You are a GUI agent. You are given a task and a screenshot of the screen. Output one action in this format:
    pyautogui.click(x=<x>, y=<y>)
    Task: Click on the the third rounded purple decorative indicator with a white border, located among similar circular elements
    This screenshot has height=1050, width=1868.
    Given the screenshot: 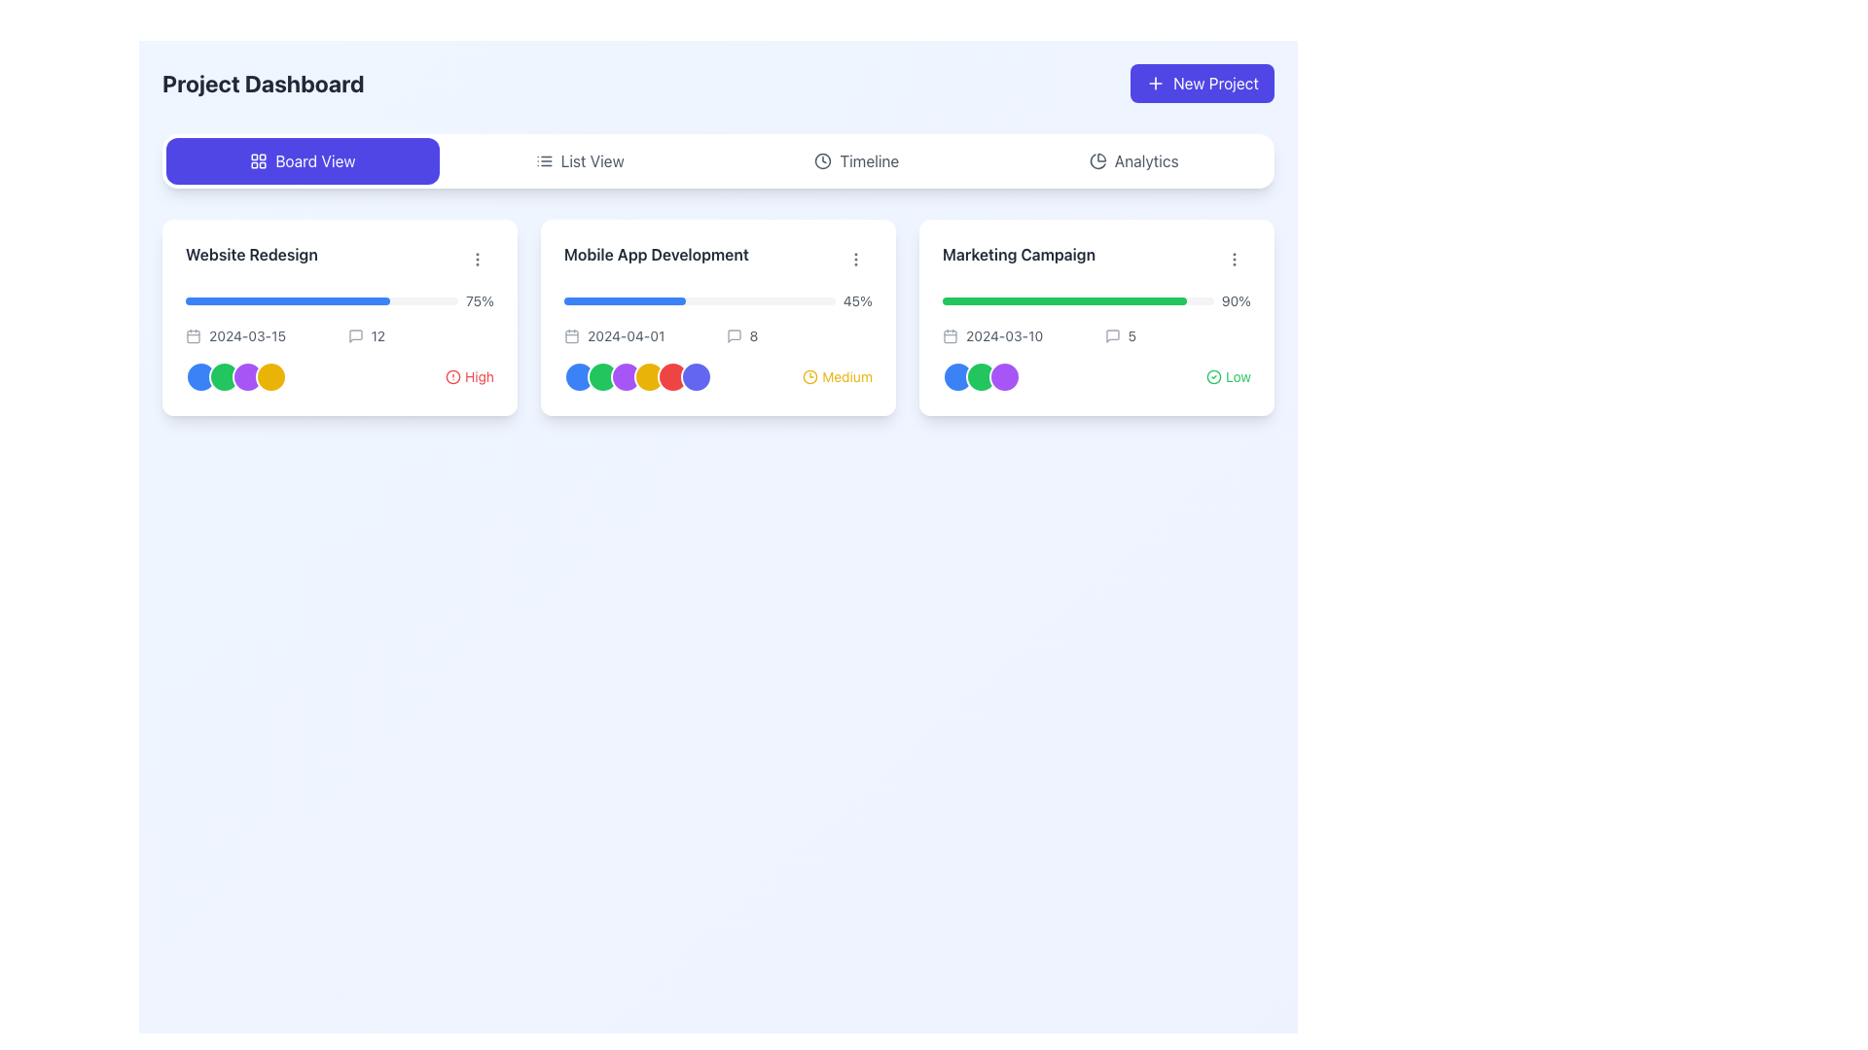 What is the action you would take?
    pyautogui.click(x=246, y=377)
    